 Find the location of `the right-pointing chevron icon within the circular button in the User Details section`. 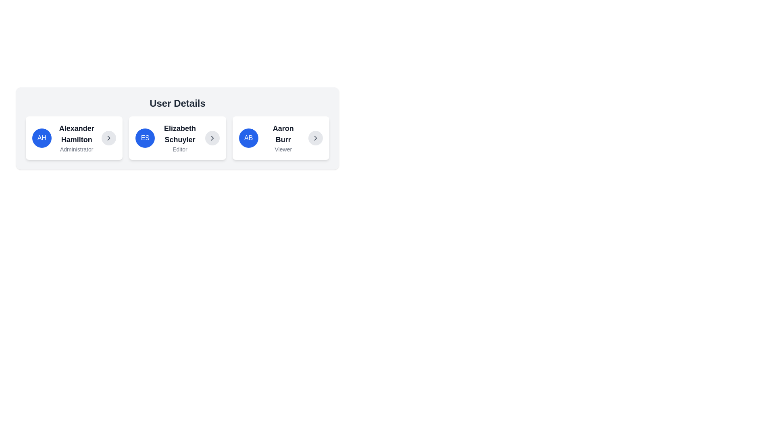

the right-pointing chevron icon within the circular button in the User Details section is located at coordinates (108, 138).